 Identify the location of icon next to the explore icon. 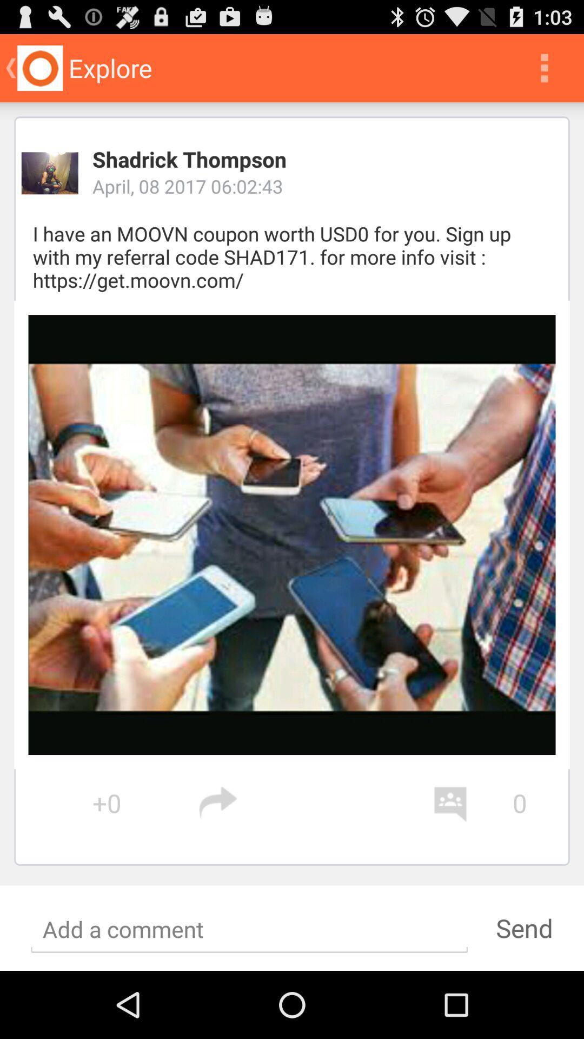
(544, 67).